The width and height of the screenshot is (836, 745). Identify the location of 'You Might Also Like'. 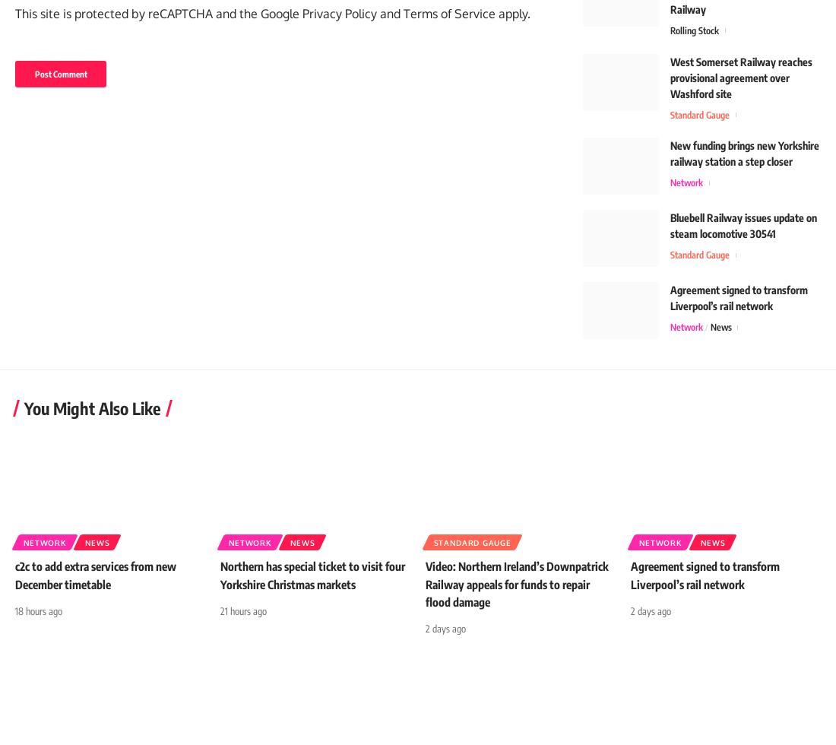
(24, 416).